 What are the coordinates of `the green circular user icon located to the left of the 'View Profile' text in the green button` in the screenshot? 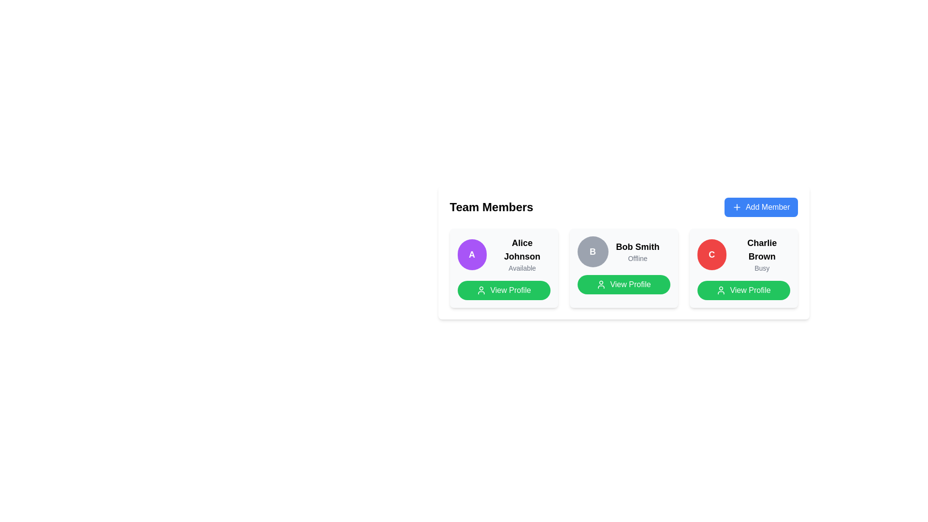 It's located at (601, 284).